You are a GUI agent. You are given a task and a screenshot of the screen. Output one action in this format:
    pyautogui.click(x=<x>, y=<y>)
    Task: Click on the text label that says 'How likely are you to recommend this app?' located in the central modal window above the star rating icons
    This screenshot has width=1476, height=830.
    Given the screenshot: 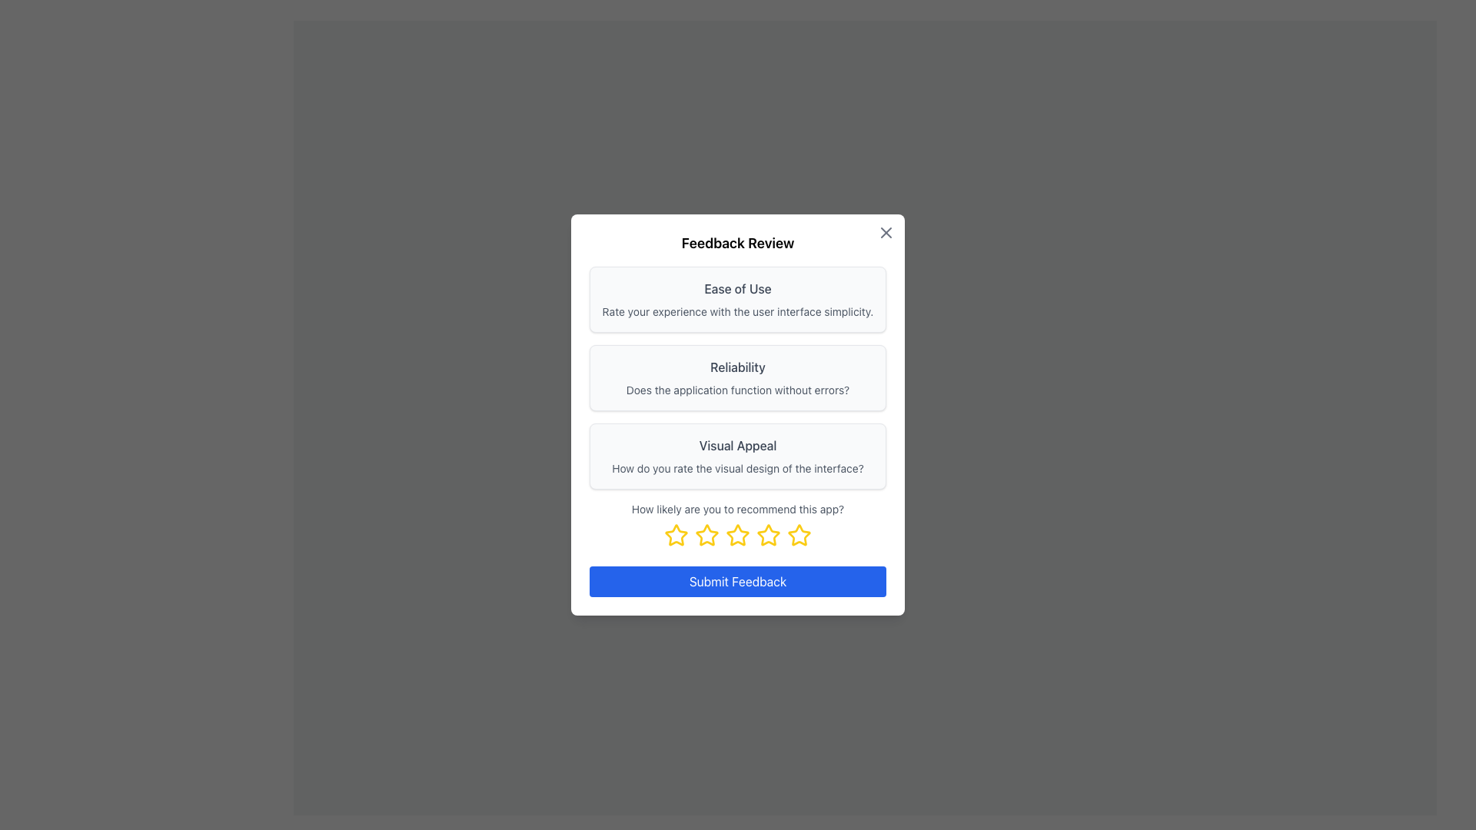 What is the action you would take?
    pyautogui.click(x=738, y=510)
    